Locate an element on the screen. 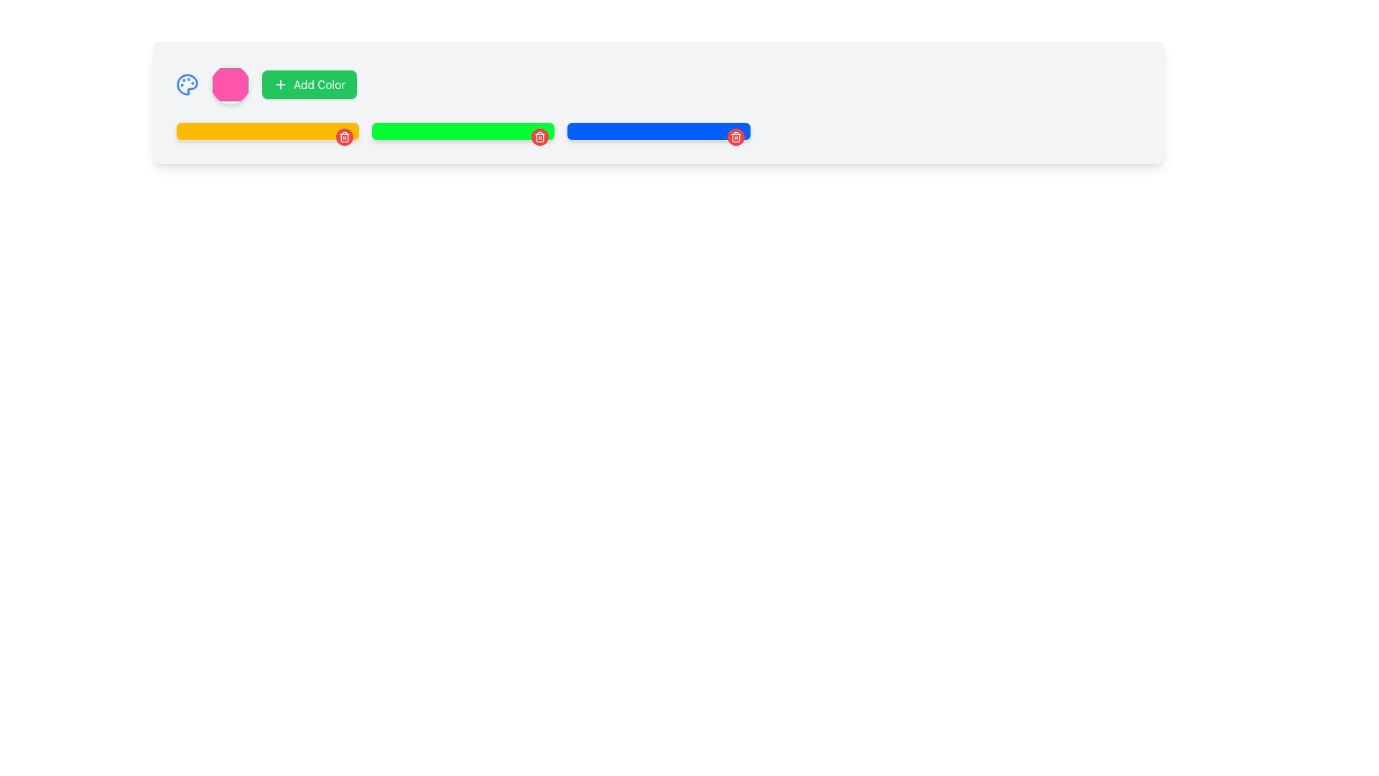 The width and height of the screenshot is (1379, 776). the first colored block in the UI grid, which is positioned to the left of a green rectangle and a blue rectangle is located at coordinates (268, 131).